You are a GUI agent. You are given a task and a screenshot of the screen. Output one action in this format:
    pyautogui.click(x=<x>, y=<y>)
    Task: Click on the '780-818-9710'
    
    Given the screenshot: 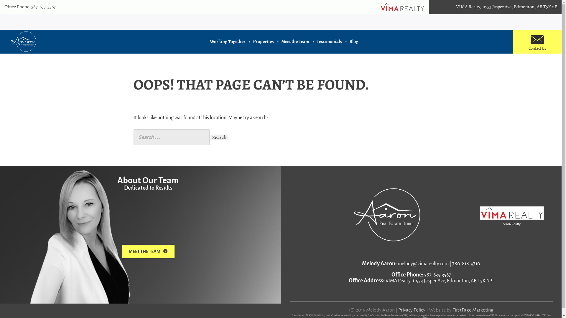 What is the action you would take?
    pyautogui.click(x=466, y=263)
    